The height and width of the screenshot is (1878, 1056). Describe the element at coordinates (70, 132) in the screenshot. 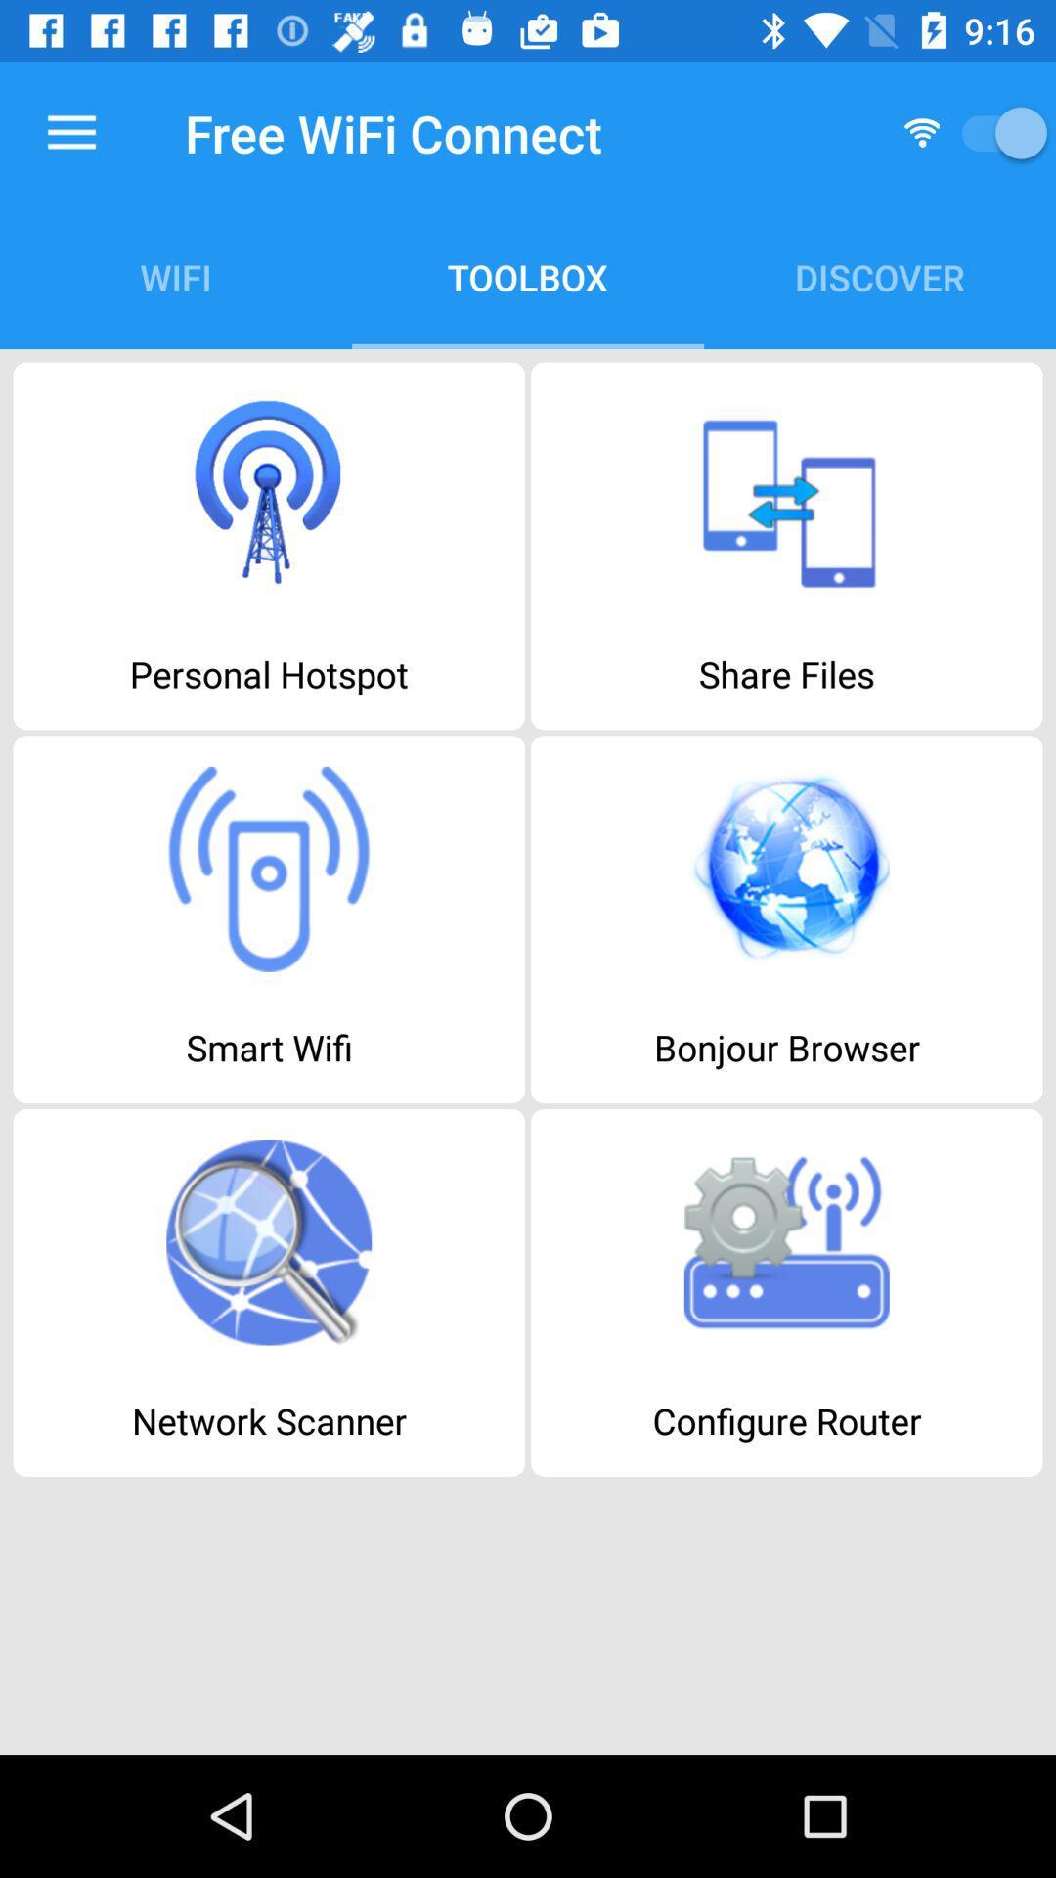

I see `icon above the wifi icon` at that location.